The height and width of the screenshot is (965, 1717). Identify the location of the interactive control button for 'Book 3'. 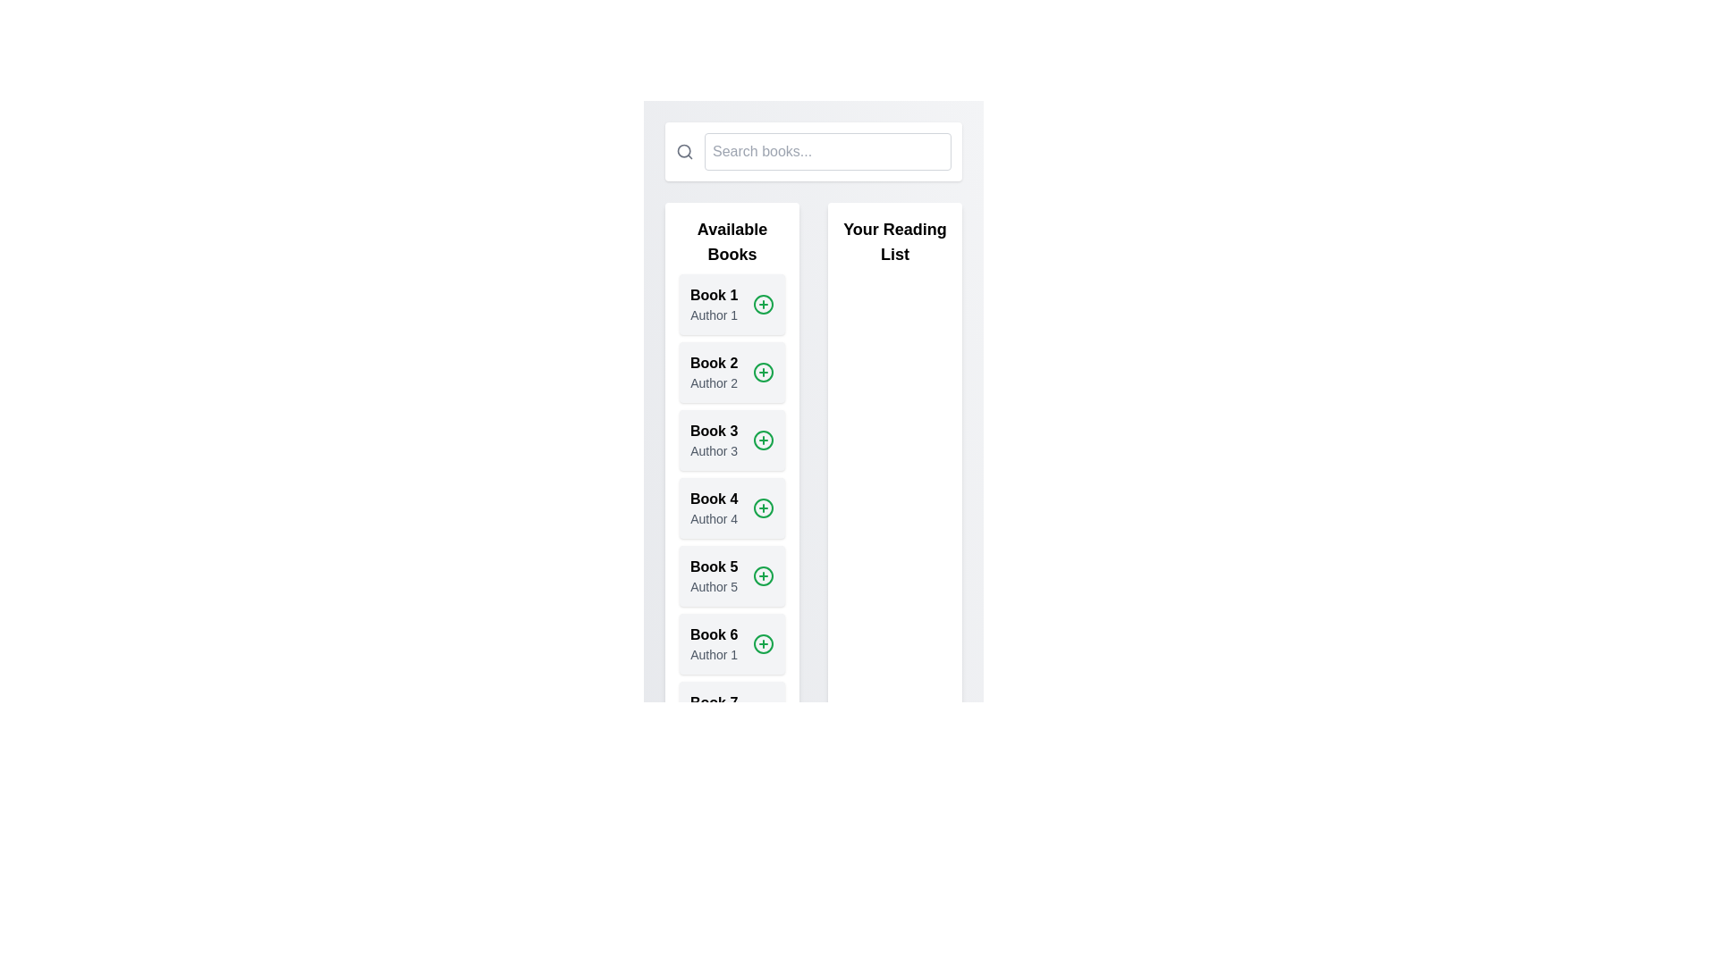
(764, 441).